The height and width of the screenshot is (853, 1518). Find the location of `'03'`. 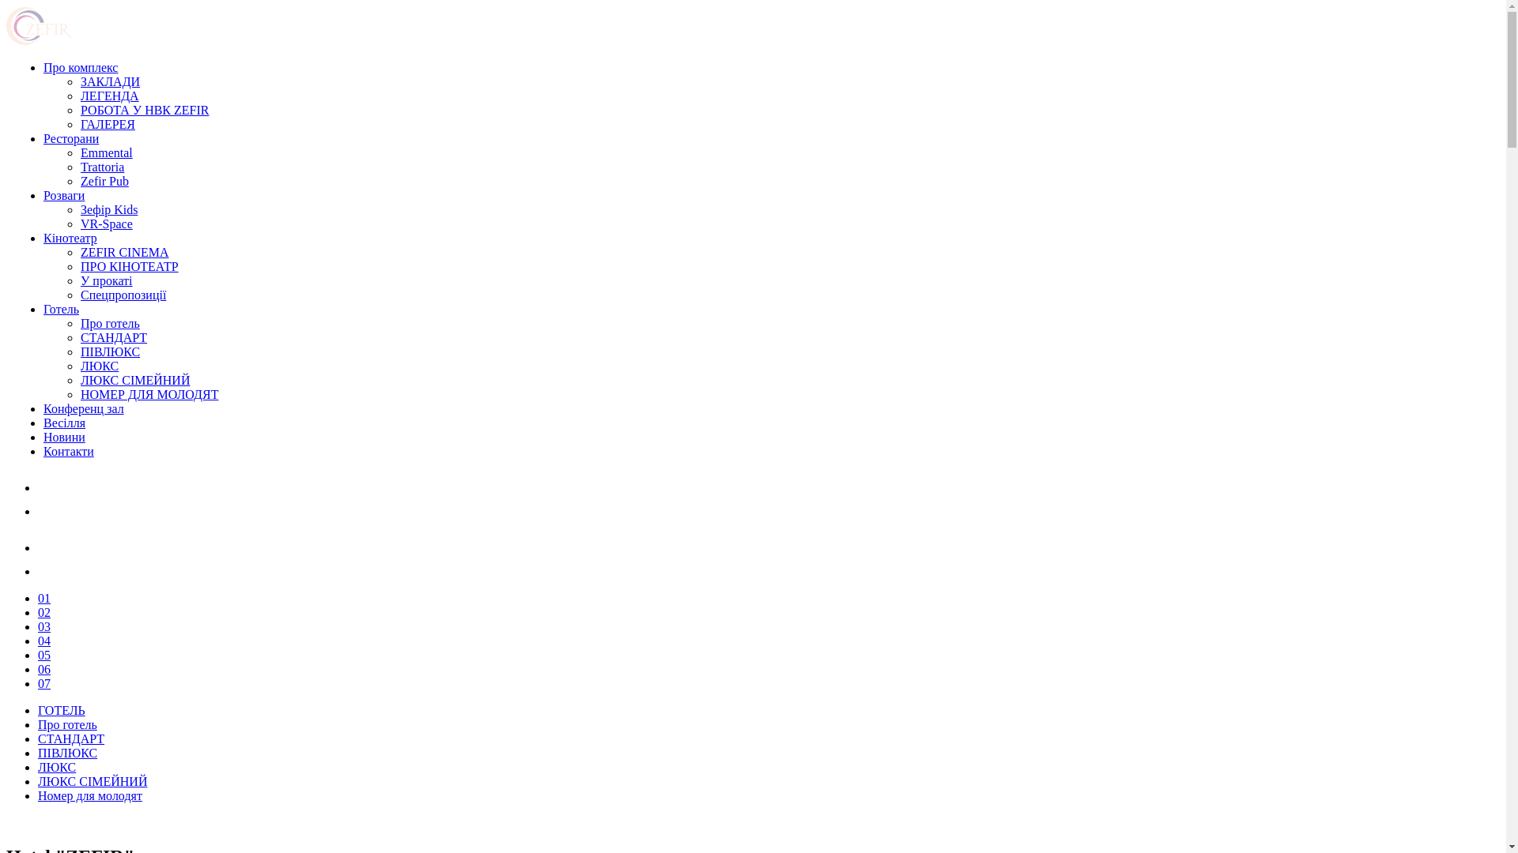

'03' is located at coordinates (44, 626).